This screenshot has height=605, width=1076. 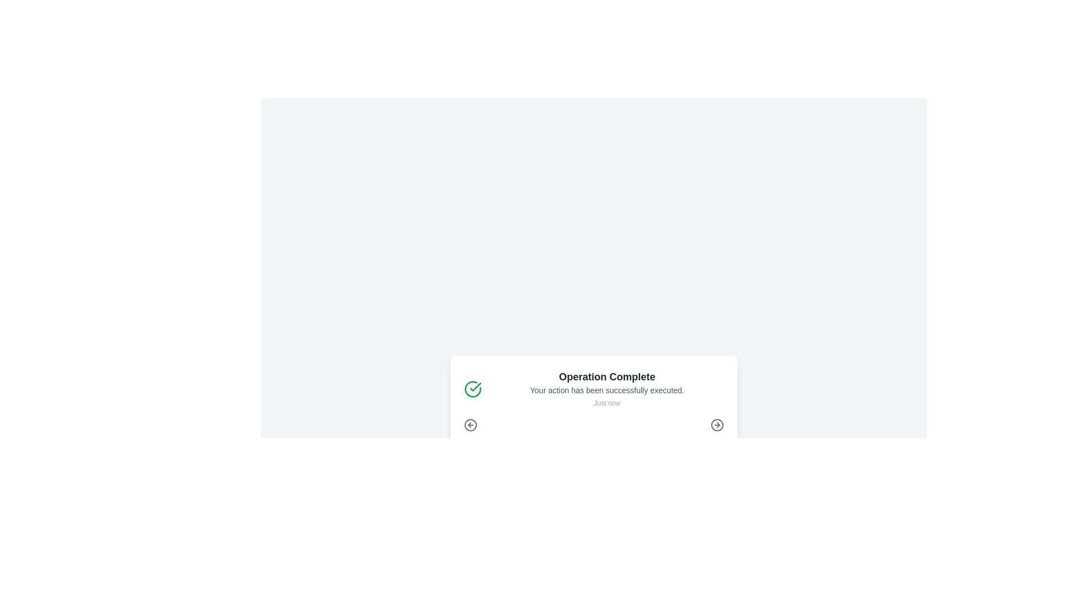 What do you see at coordinates (470, 425) in the screenshot?
I see `properties of the circular SVG component located at the center of the left-pointing arrow icon` at bounding box center [470, 425].